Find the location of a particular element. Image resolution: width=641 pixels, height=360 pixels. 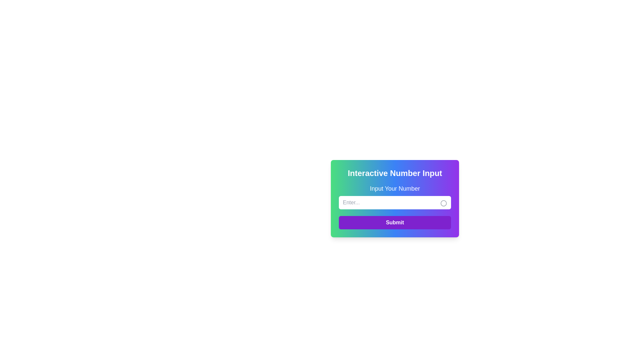

the circular icon located within the 'Interactive Number Input' form, positioned to the right of the text-entry area is located at coordinates (444, 203).